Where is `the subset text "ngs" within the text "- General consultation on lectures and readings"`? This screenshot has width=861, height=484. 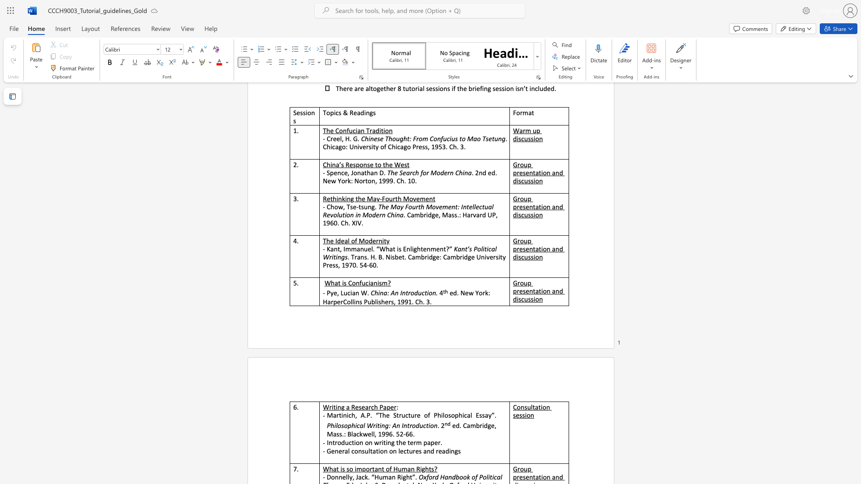
the subset text "ngs" within the text "- General consultation on lectures and readings" is located at coordinates (451, 451).